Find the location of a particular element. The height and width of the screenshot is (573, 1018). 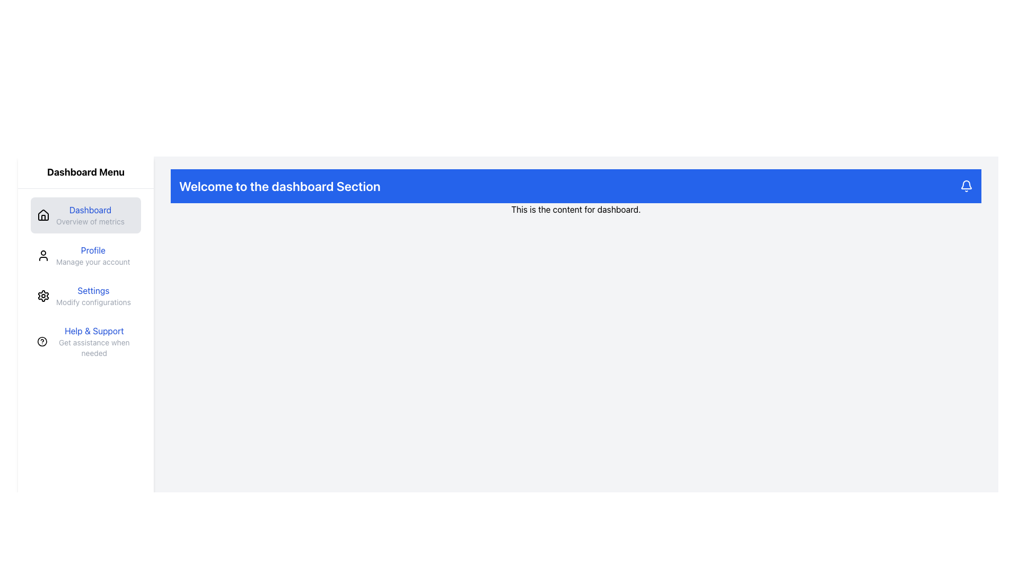

the profile icon located in the sidebar, which represents the user account section is located at coordinates (42, 256).